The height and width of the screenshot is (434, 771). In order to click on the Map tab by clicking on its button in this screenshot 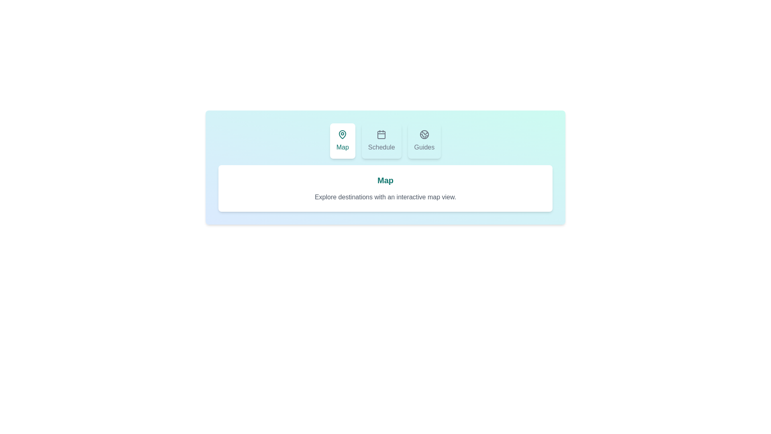, I will do `click(343, 141)`.